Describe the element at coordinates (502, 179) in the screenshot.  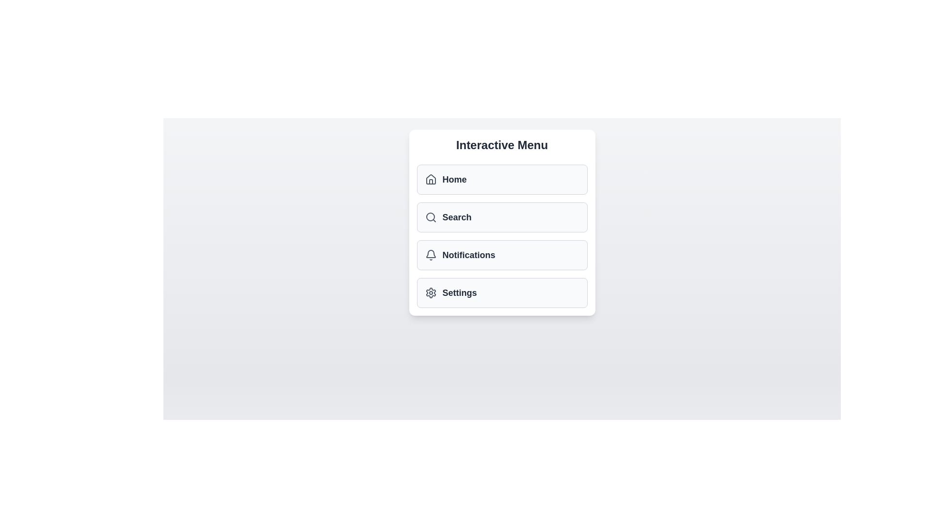
I see `the menu item Home` at that location.